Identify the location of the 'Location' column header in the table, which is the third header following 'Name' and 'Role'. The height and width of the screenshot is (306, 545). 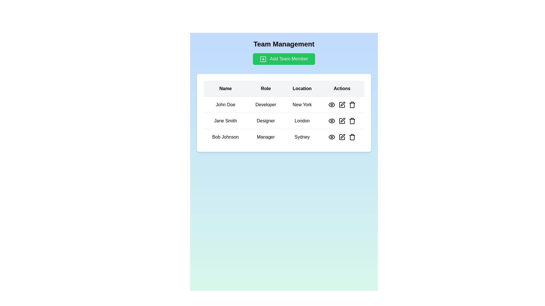
(302, 88).